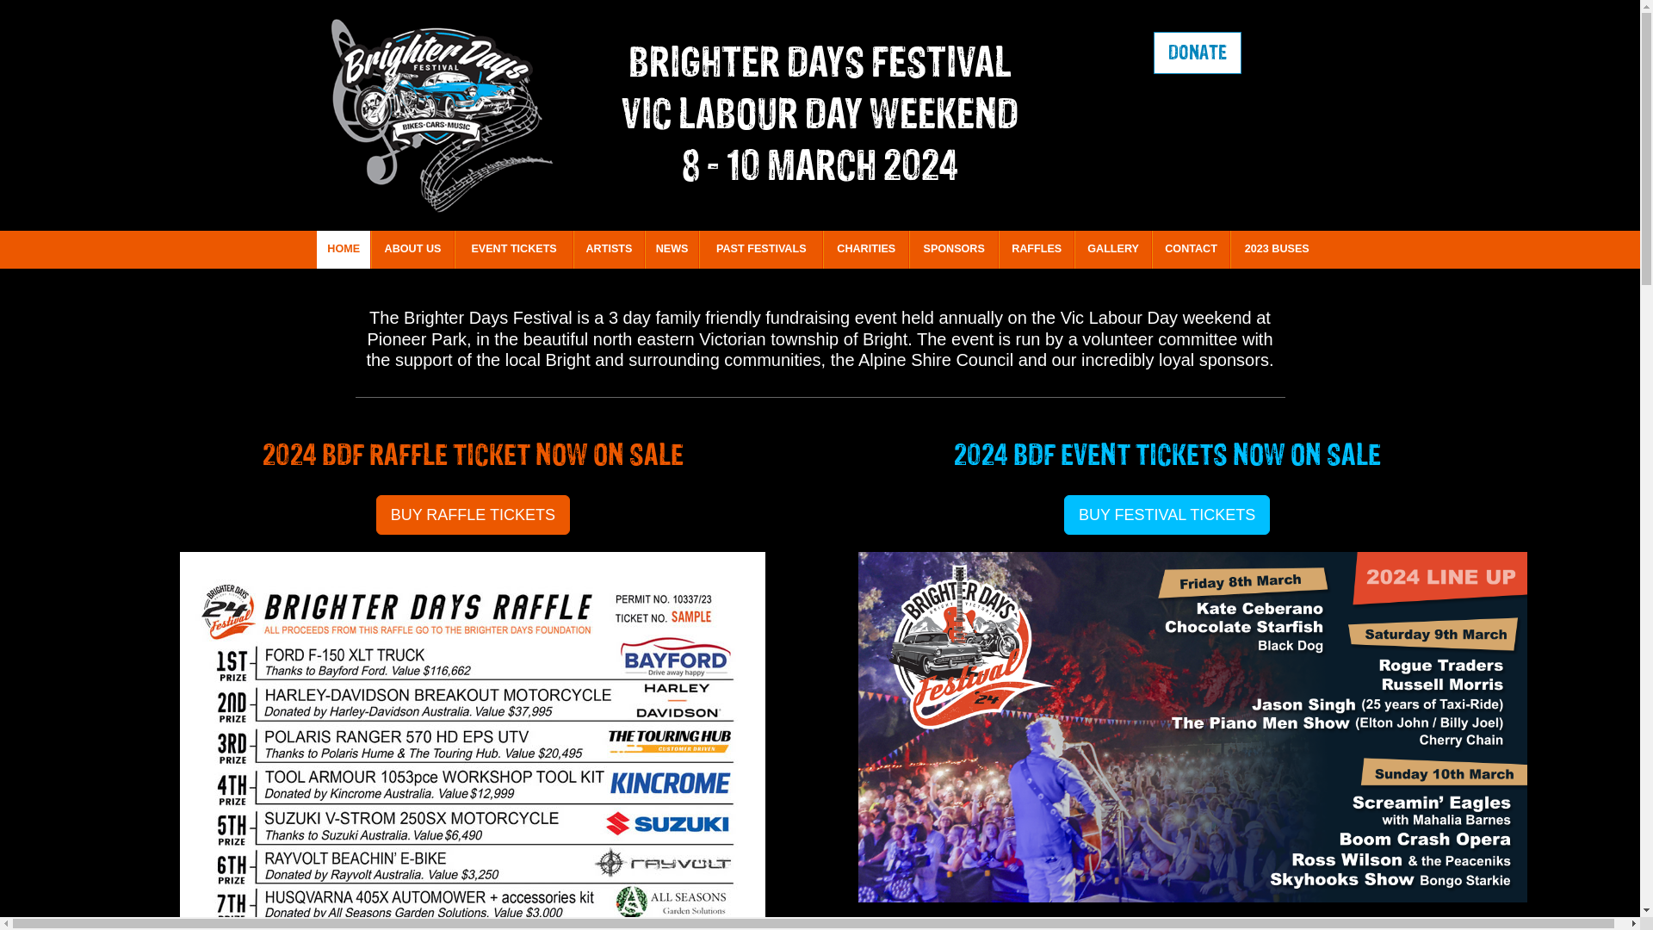 This screenshot has height=930, width=1653. What do you see at coordinates (908, 249) in the screenshot?
I see `'SPONSORS'` at bounding box center [908, 249].